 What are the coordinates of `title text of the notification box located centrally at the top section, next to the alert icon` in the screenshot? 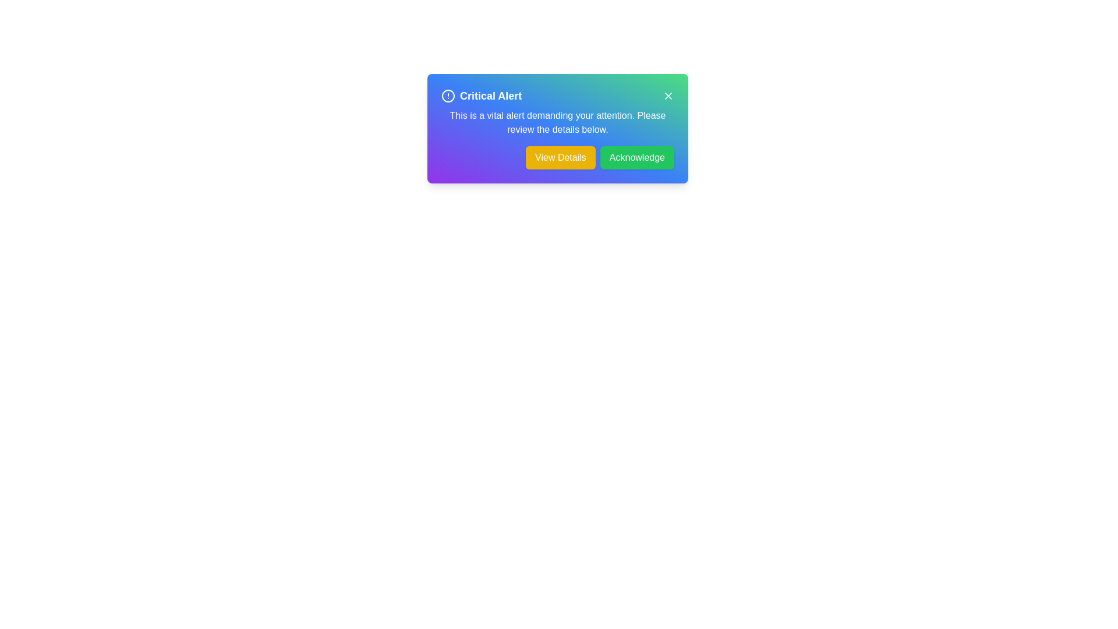 It's located at (491, 96).